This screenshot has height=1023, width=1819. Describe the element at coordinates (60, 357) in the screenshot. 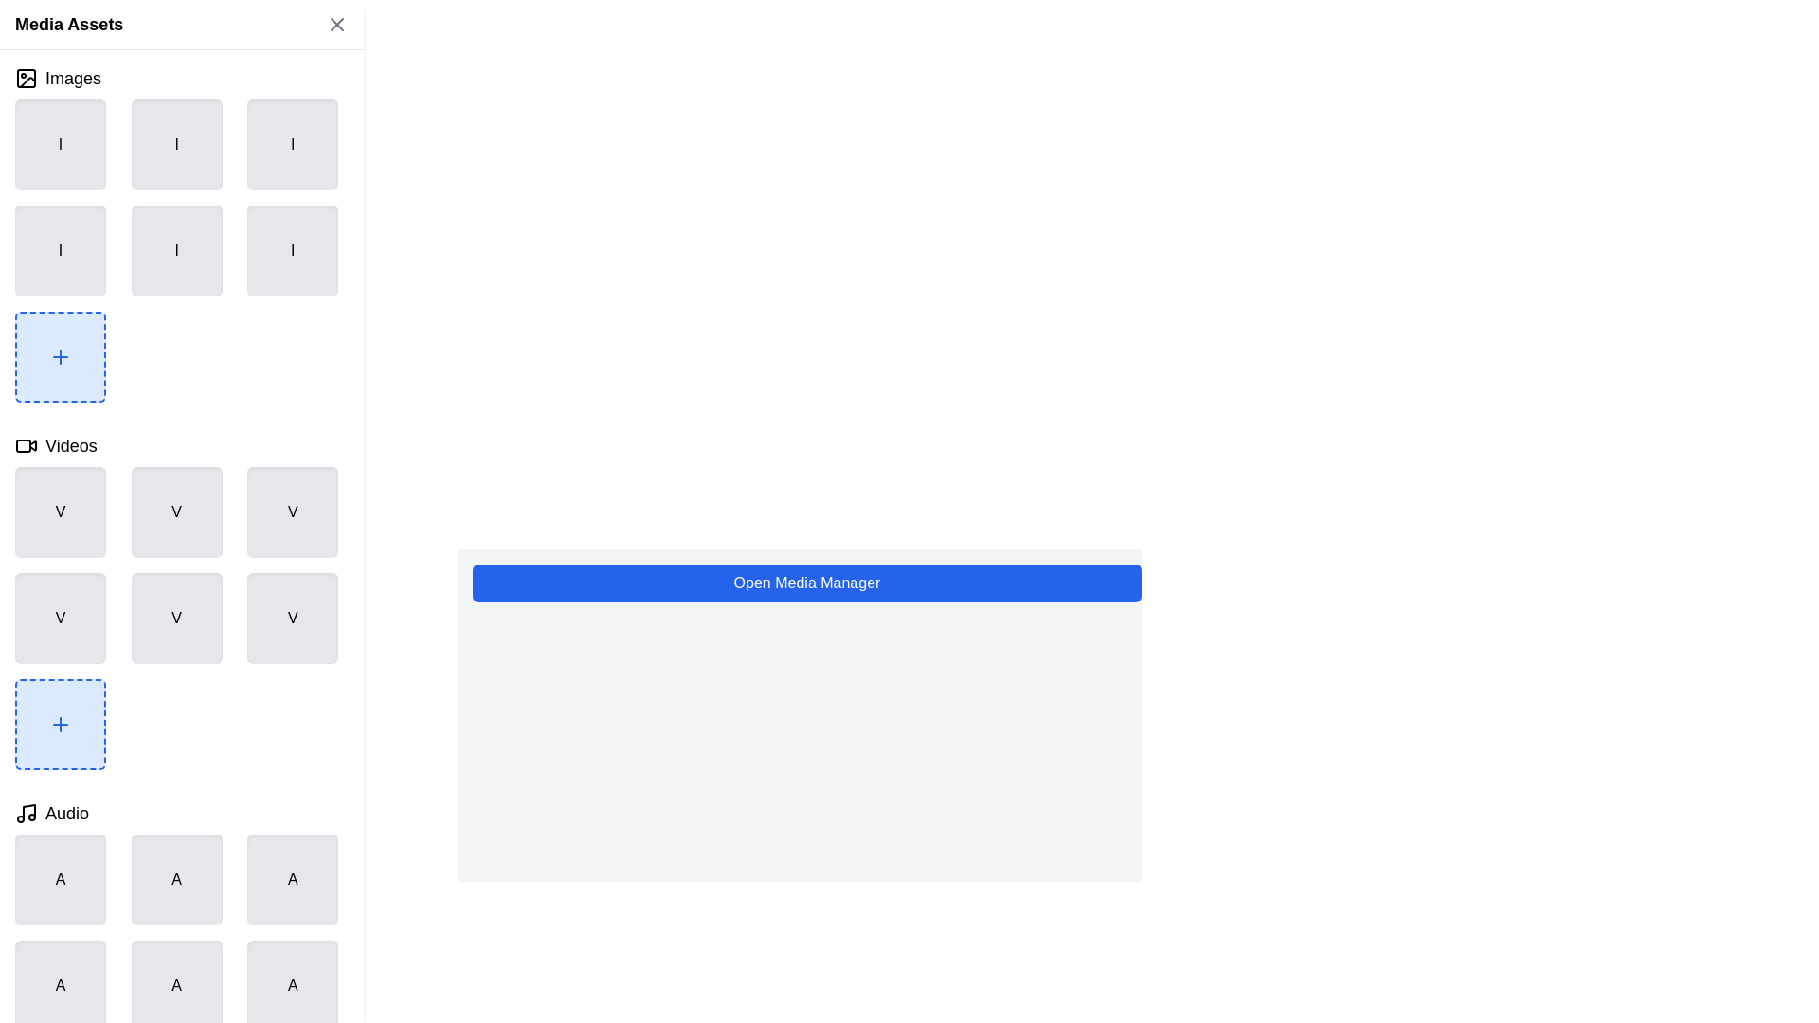

I see `the Icon button located inside the light blue square box in the 'Images' section of the 'Media Assets' panel` at that location.